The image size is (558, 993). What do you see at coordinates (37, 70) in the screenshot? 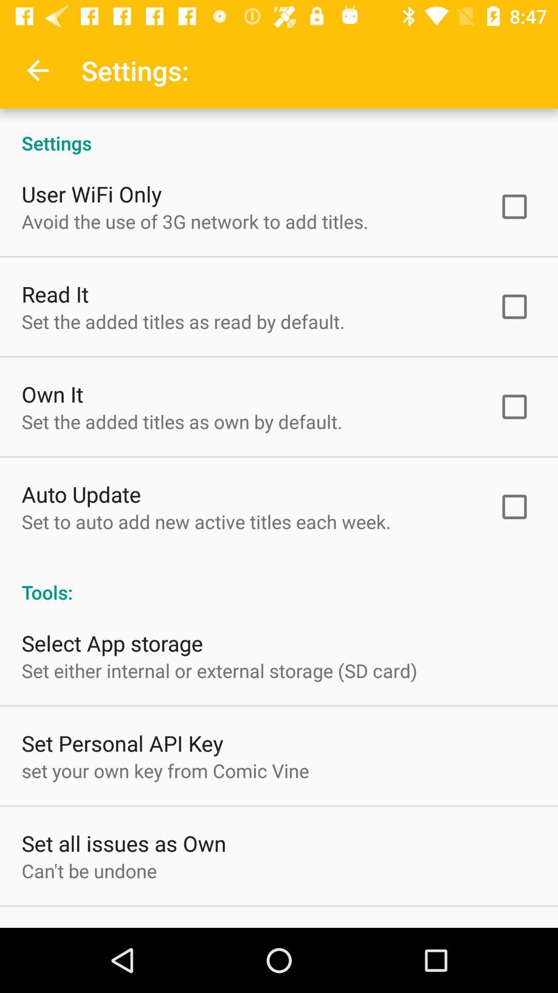
I see `item next to settings: icon` at bounding box center [37, 70].